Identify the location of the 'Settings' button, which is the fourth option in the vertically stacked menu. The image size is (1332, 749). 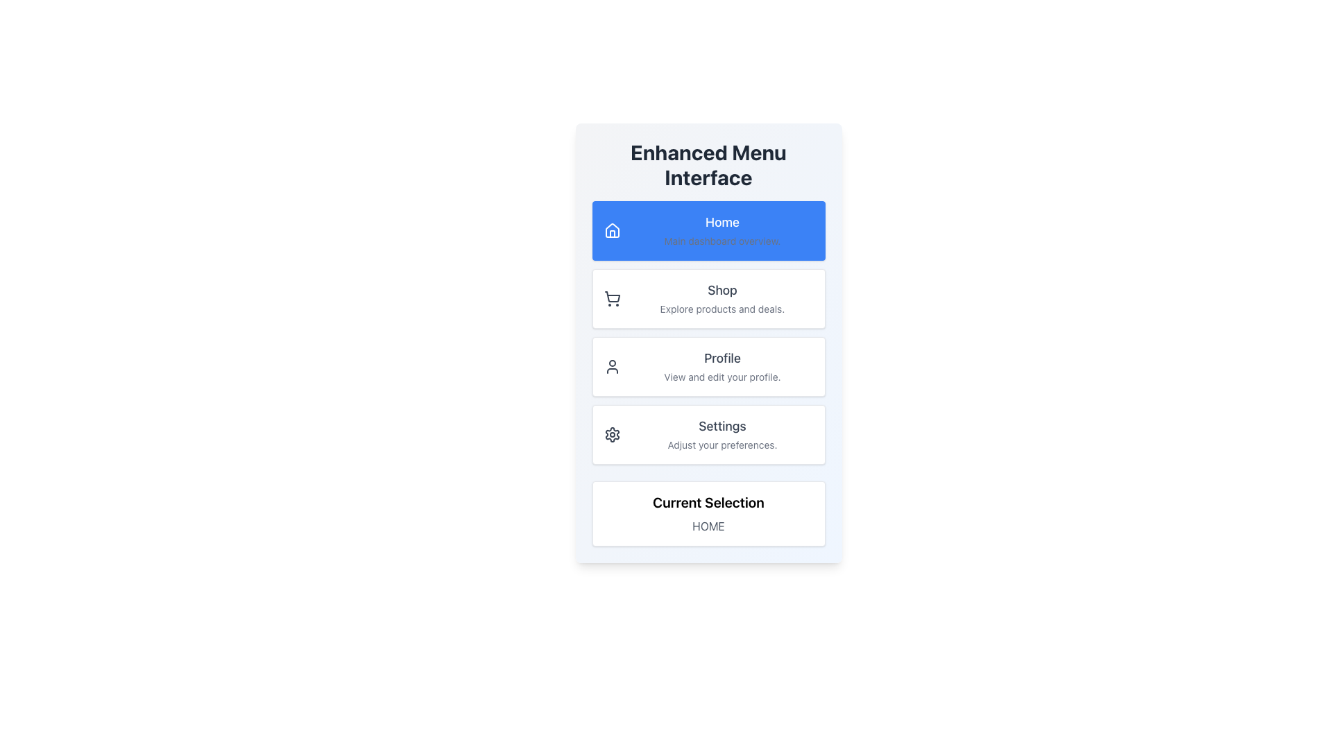
(708, 434).